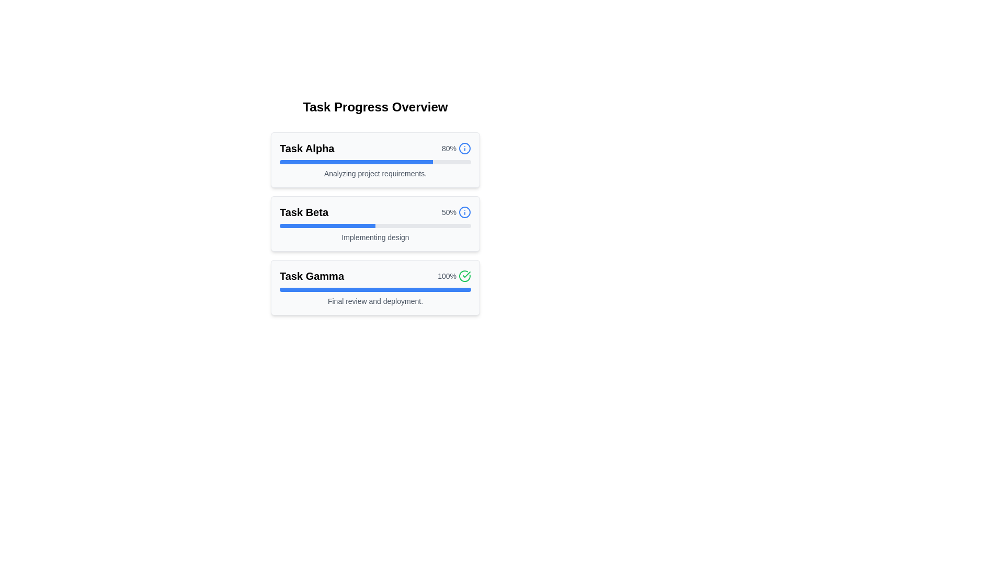  I want to click on the text label that displays 'Implementing design', located at the center of the 'Task Beta' section, below the progress bar, so click(375, 238).